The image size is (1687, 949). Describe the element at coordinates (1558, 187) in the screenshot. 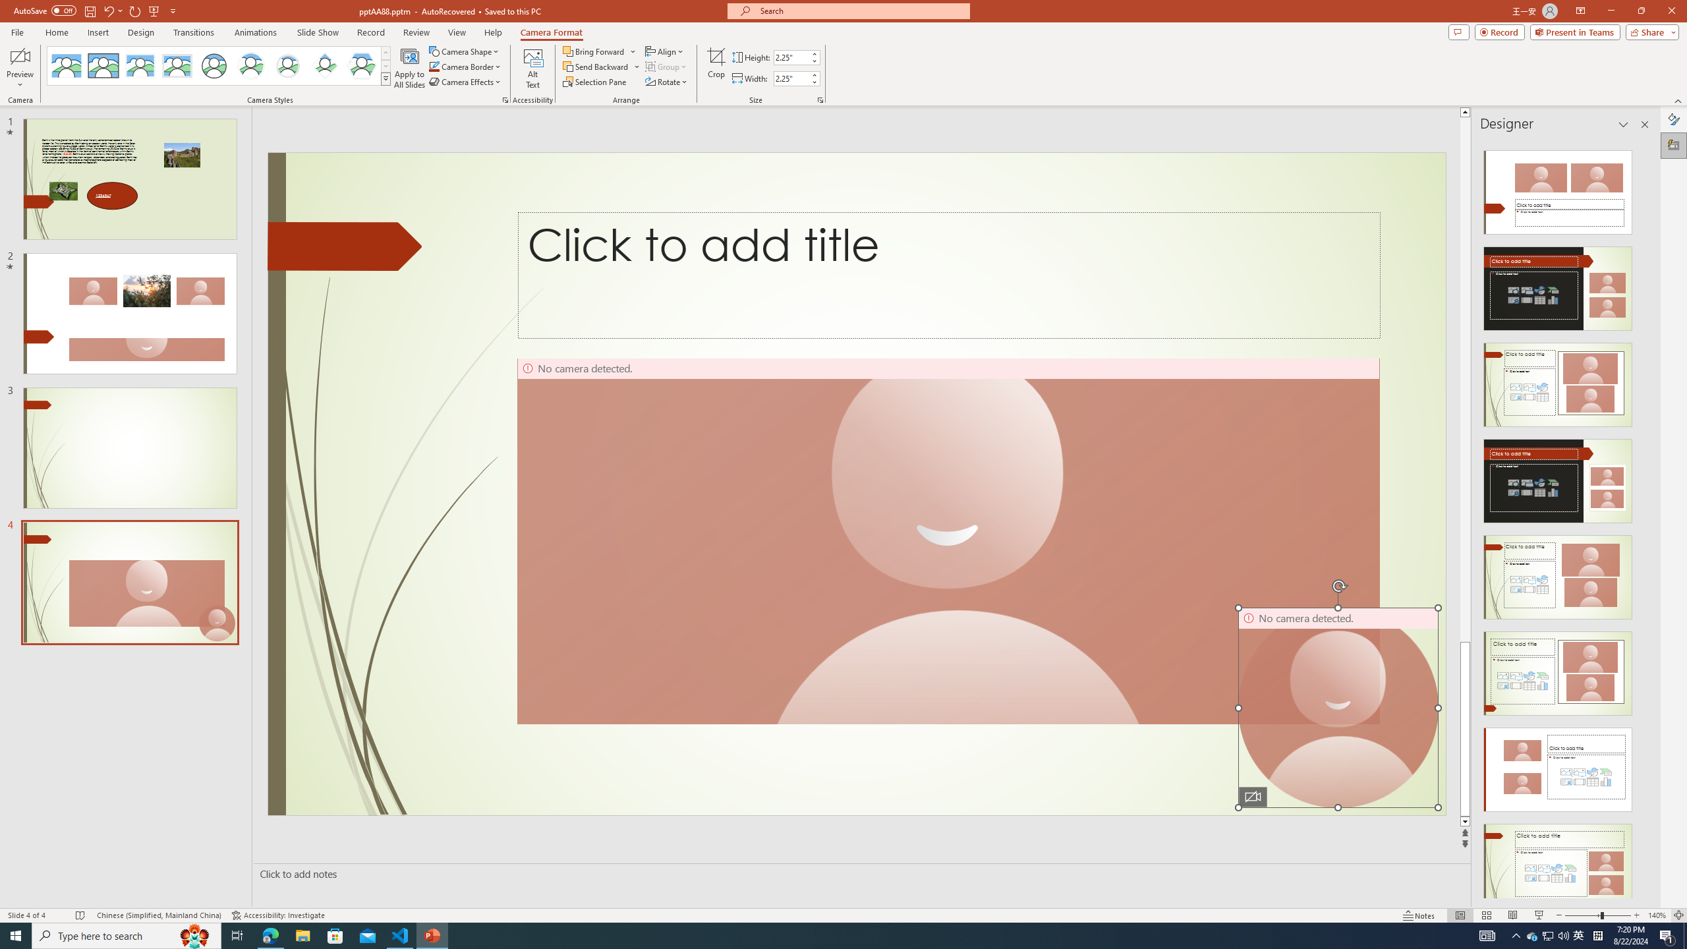

I see `'Recommended Design: Design Idea'` at that location.